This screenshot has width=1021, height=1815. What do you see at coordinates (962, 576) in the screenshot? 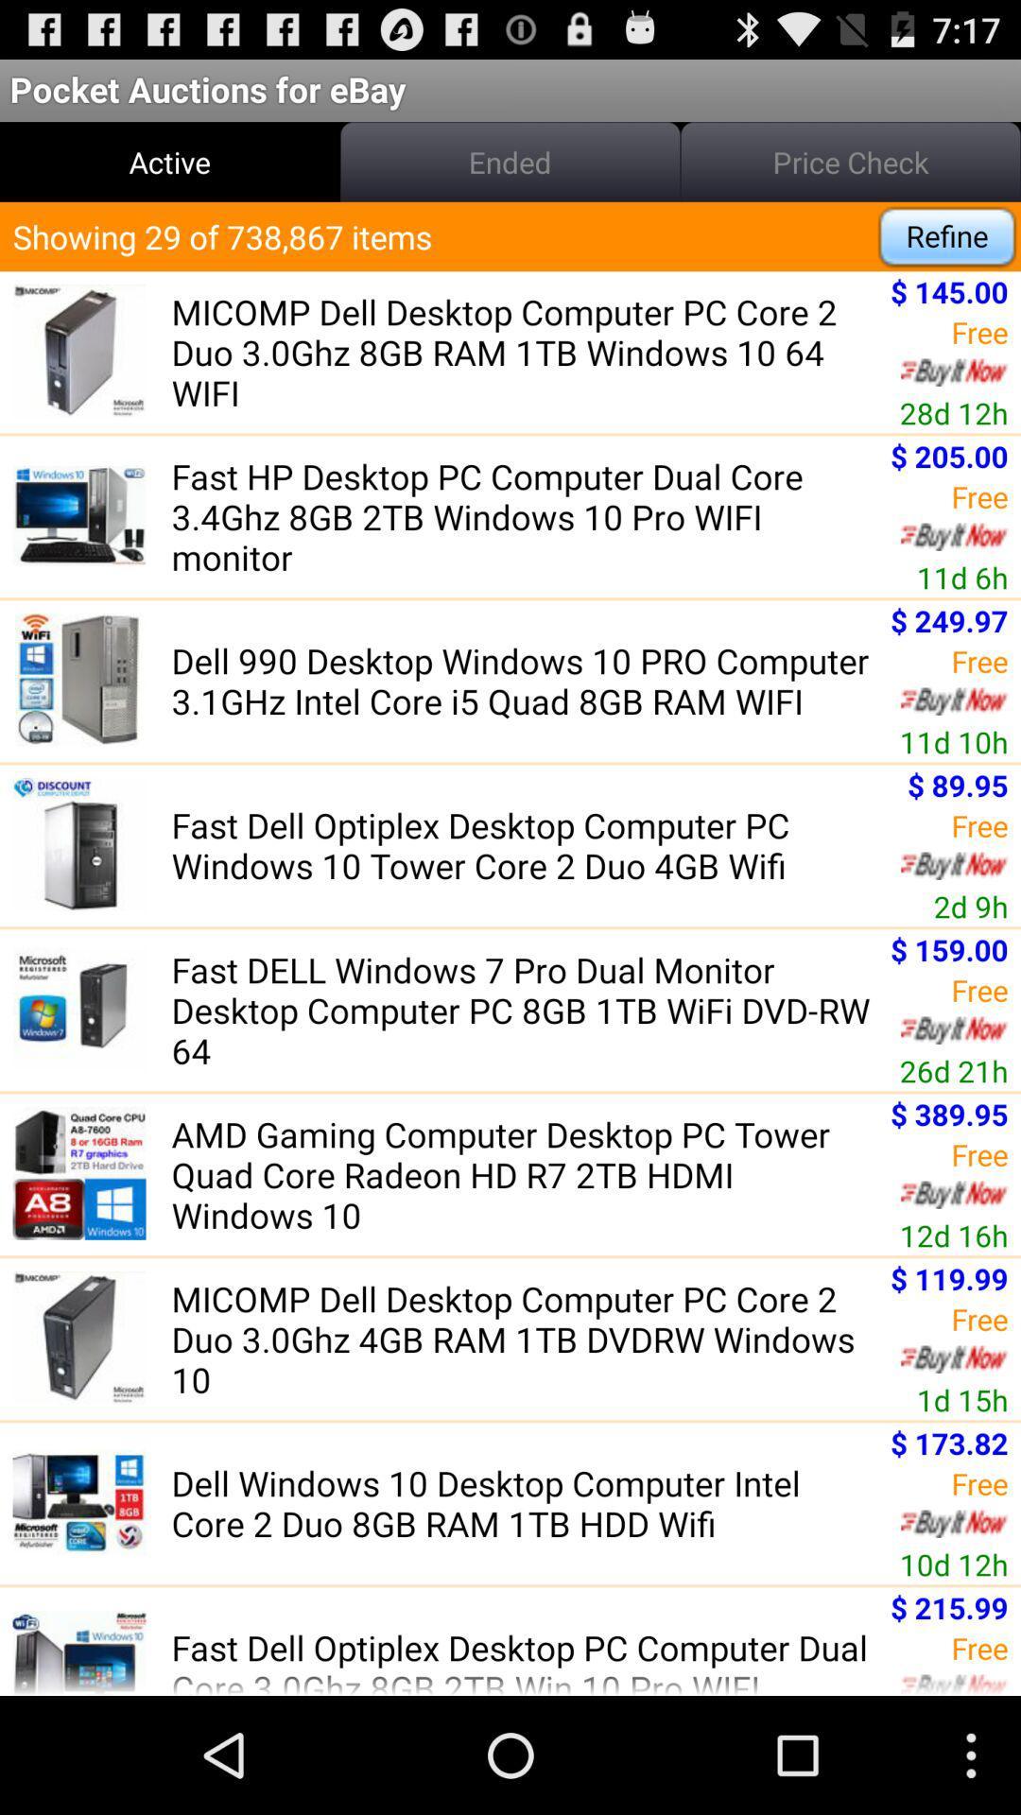
I see `the icon next to fast hp desktop item` at bounding box center [962, 576].